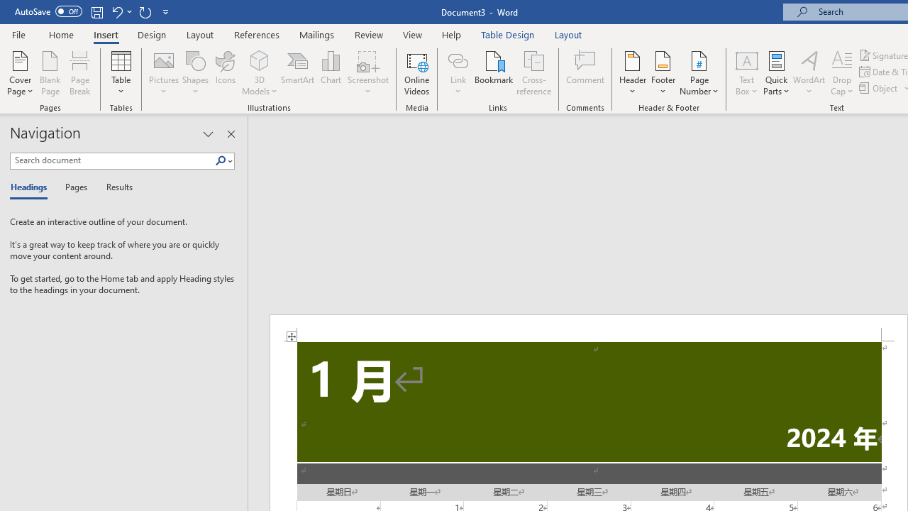 The image size is (908, 511). I want to click on 'Customize Quick Access Toolbar', so click(166, 11).